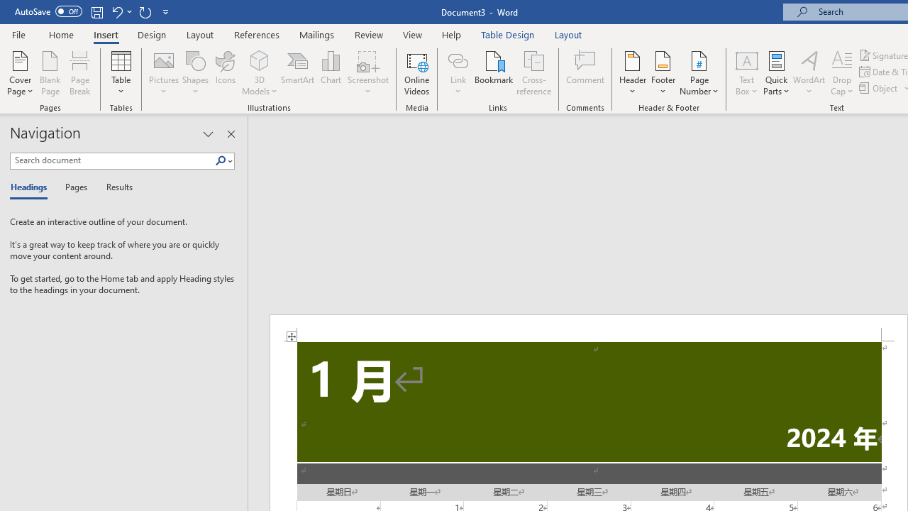 The image size is (908, 511). I want to click on 'Customize Quick Access Toolbar', so click(166, 11).